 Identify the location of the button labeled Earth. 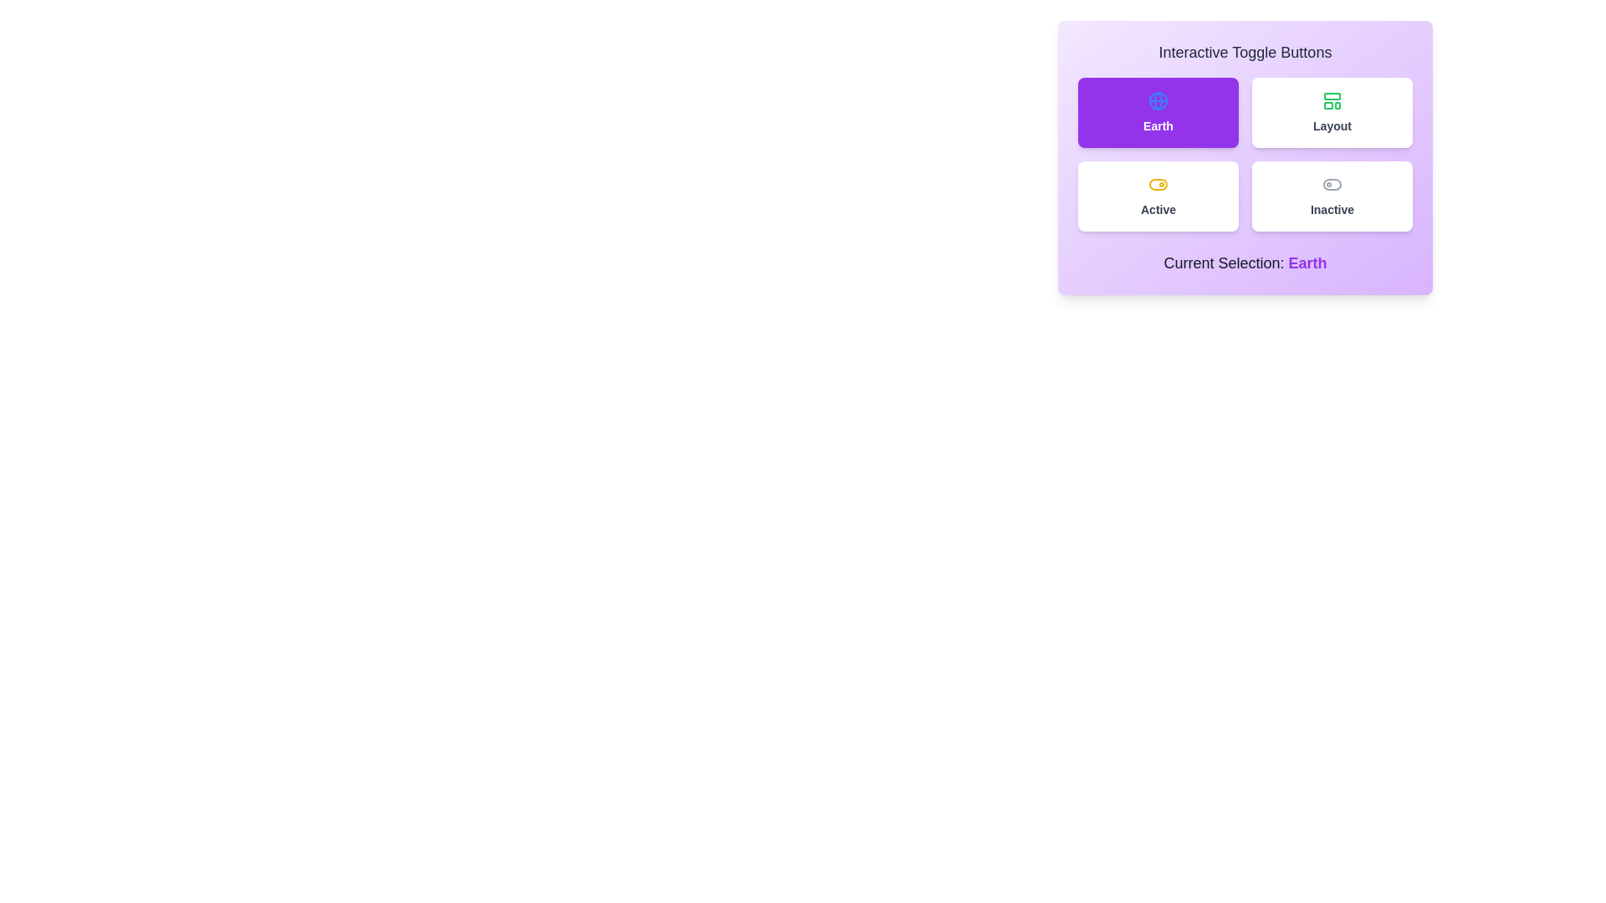
(1158, 113).